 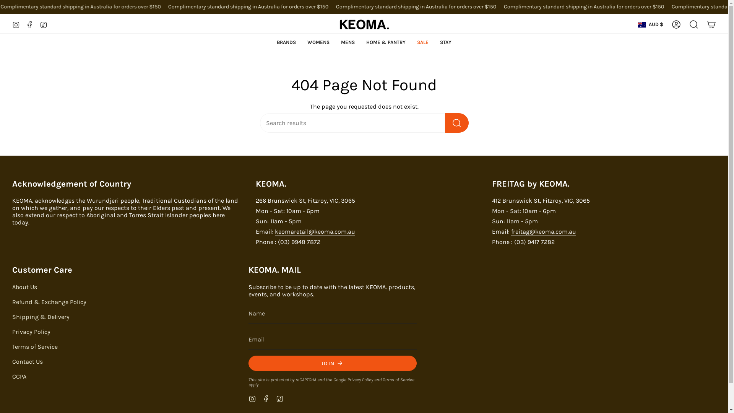 What do you see at coordinates (24, 287) in the screenshot?
I see `'About Us'` at bounding box center [24, 287].